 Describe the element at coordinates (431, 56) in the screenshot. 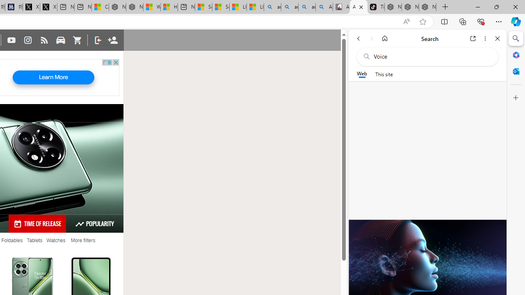

I see `'Search the web'` at that location.